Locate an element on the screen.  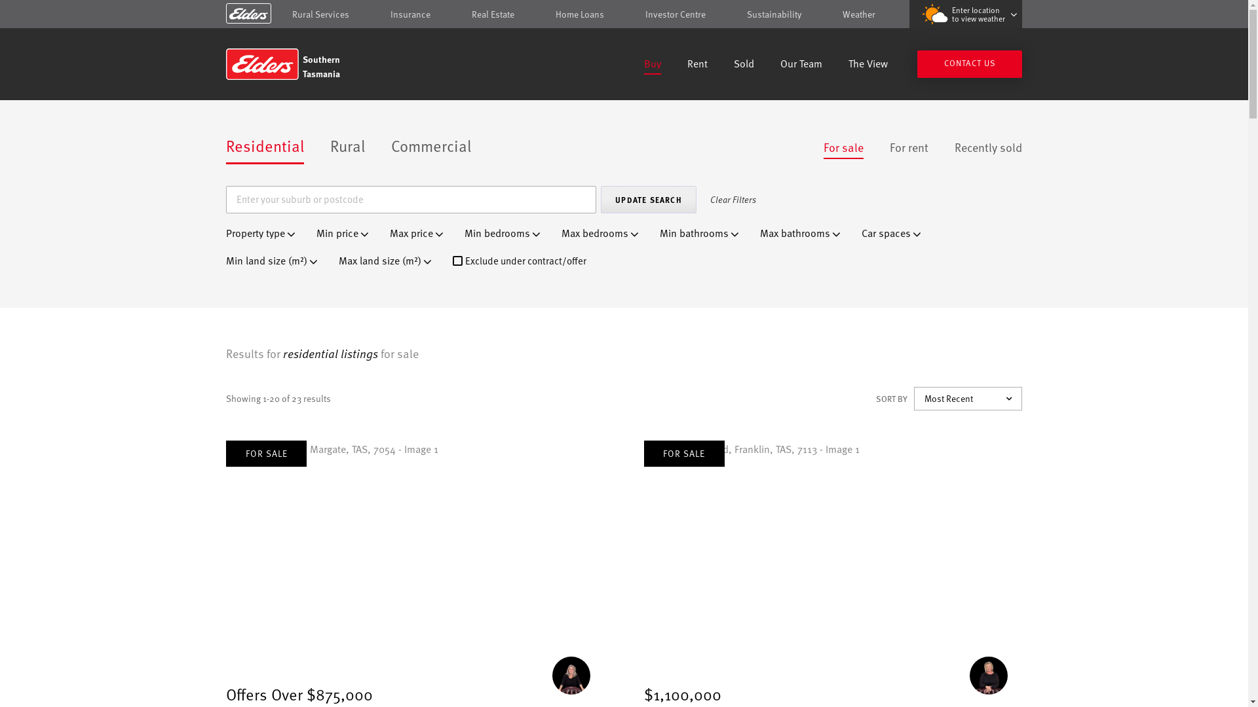
'Insurance' is located at coordinates (410, 14).